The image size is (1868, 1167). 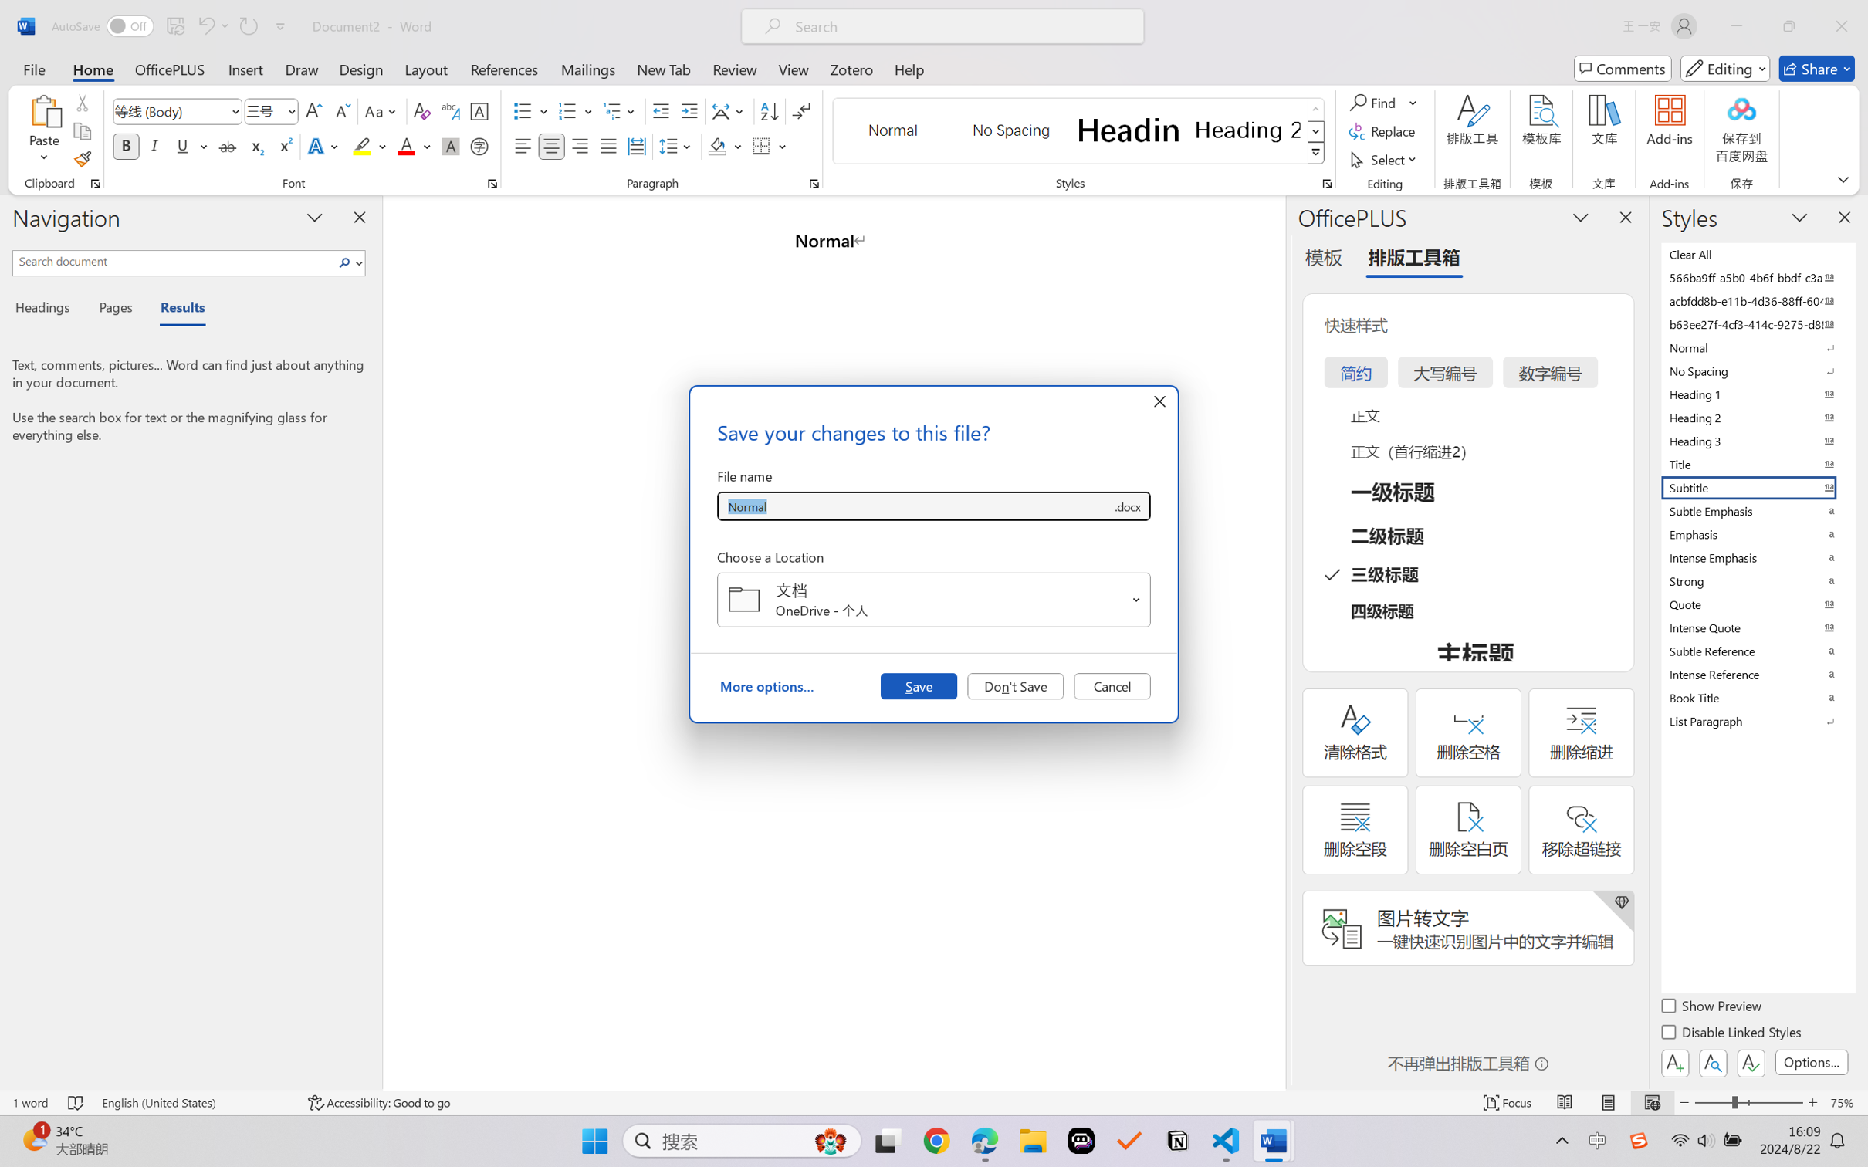 I want to click on 'Copy', so click(x=81, y=131).